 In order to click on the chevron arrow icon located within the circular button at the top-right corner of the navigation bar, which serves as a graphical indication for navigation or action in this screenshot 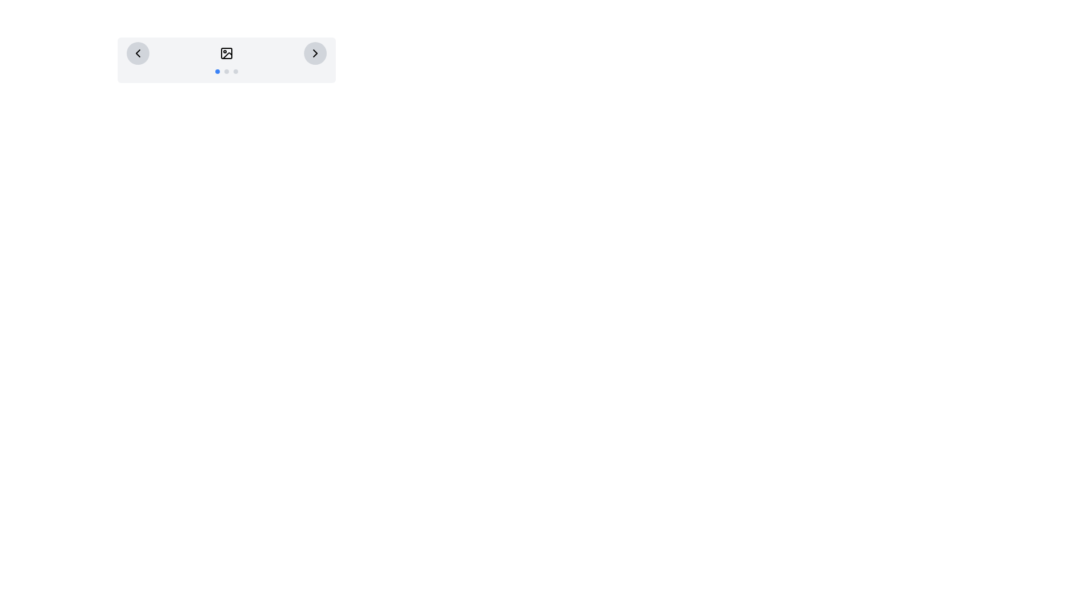, I will do `click(315, 53)`.